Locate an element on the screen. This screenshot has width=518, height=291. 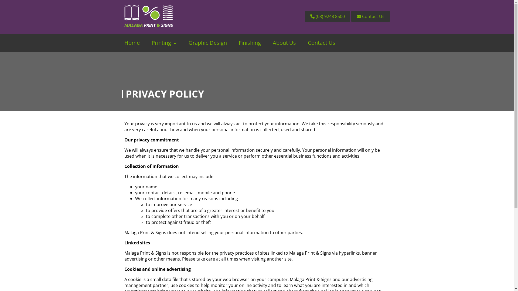
'Home' is located at coordinates (132, 42).